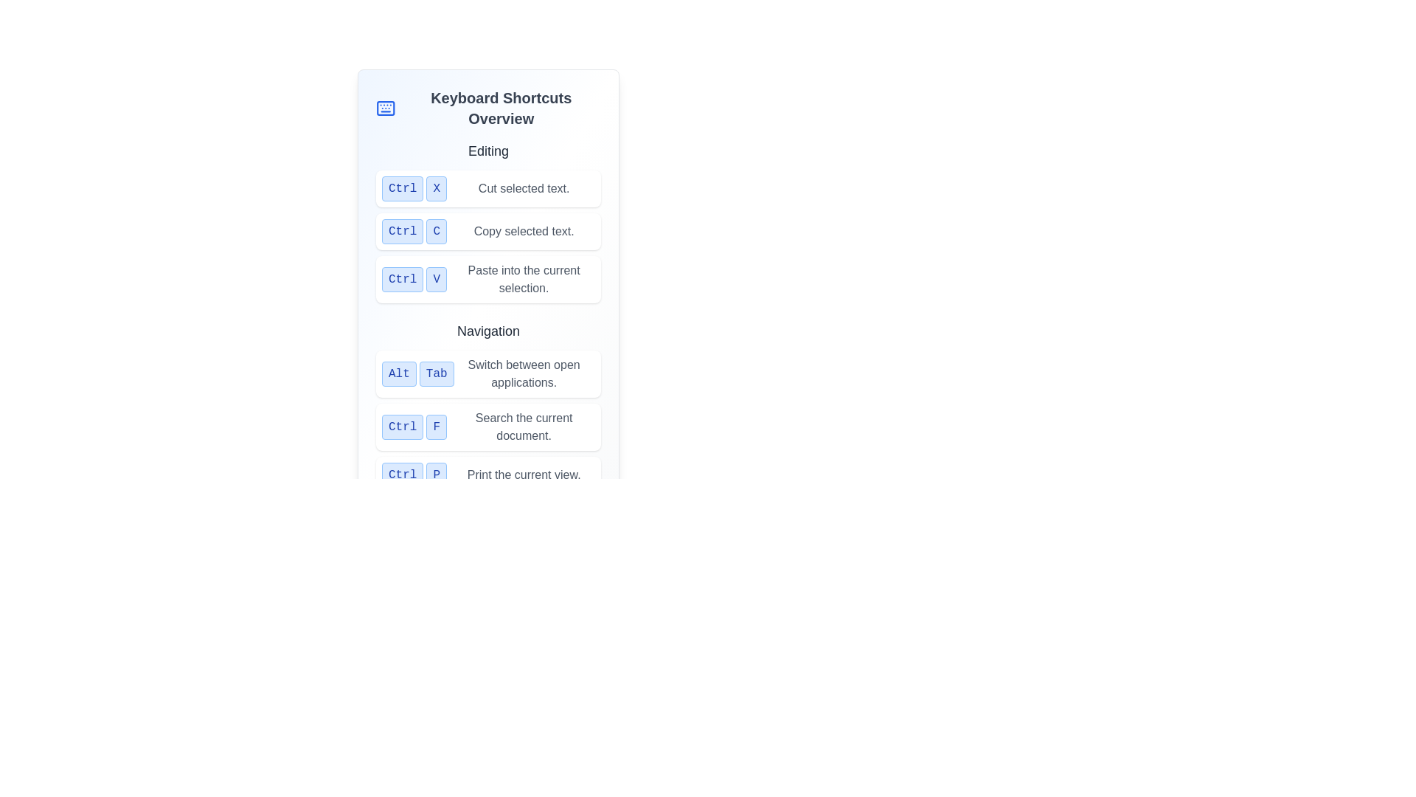  What do you see at coordinates (488, 279) in the screenshot?
I see `description text of the informational block that contains the keyboard shortcut 'Ctrl + V' and its description 'Paste into the current selection.'` at bounding box center [488, 279].